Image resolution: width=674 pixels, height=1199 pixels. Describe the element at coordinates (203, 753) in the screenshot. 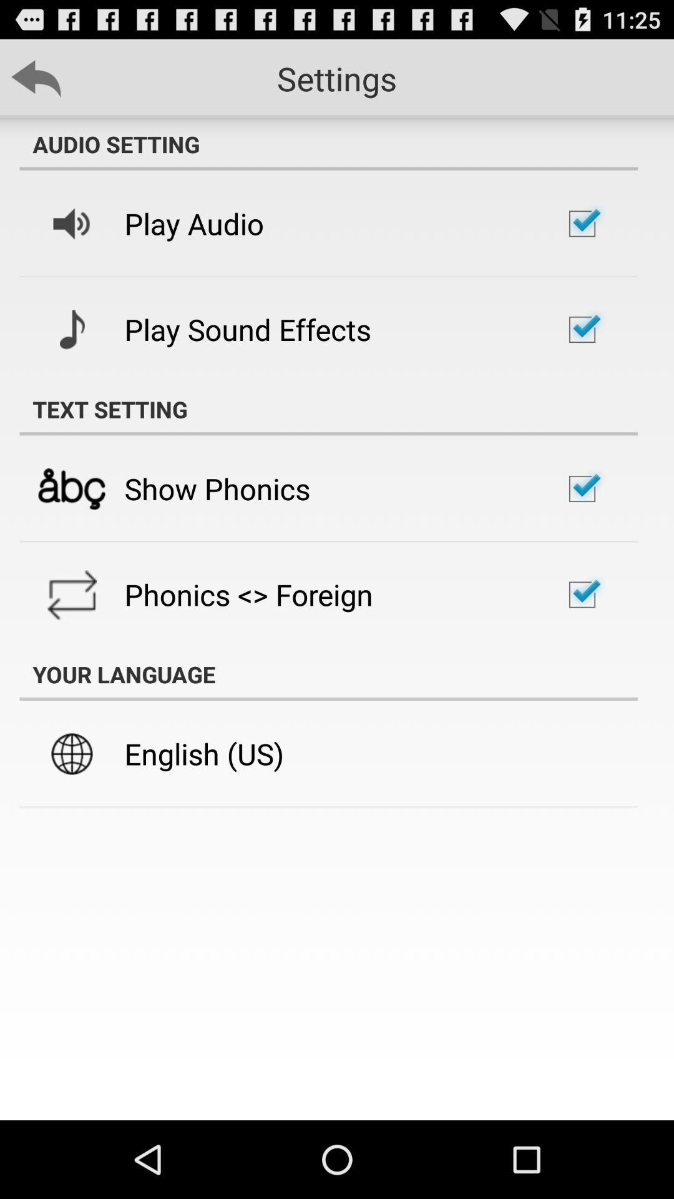

I see `item below the your language item` at that location.